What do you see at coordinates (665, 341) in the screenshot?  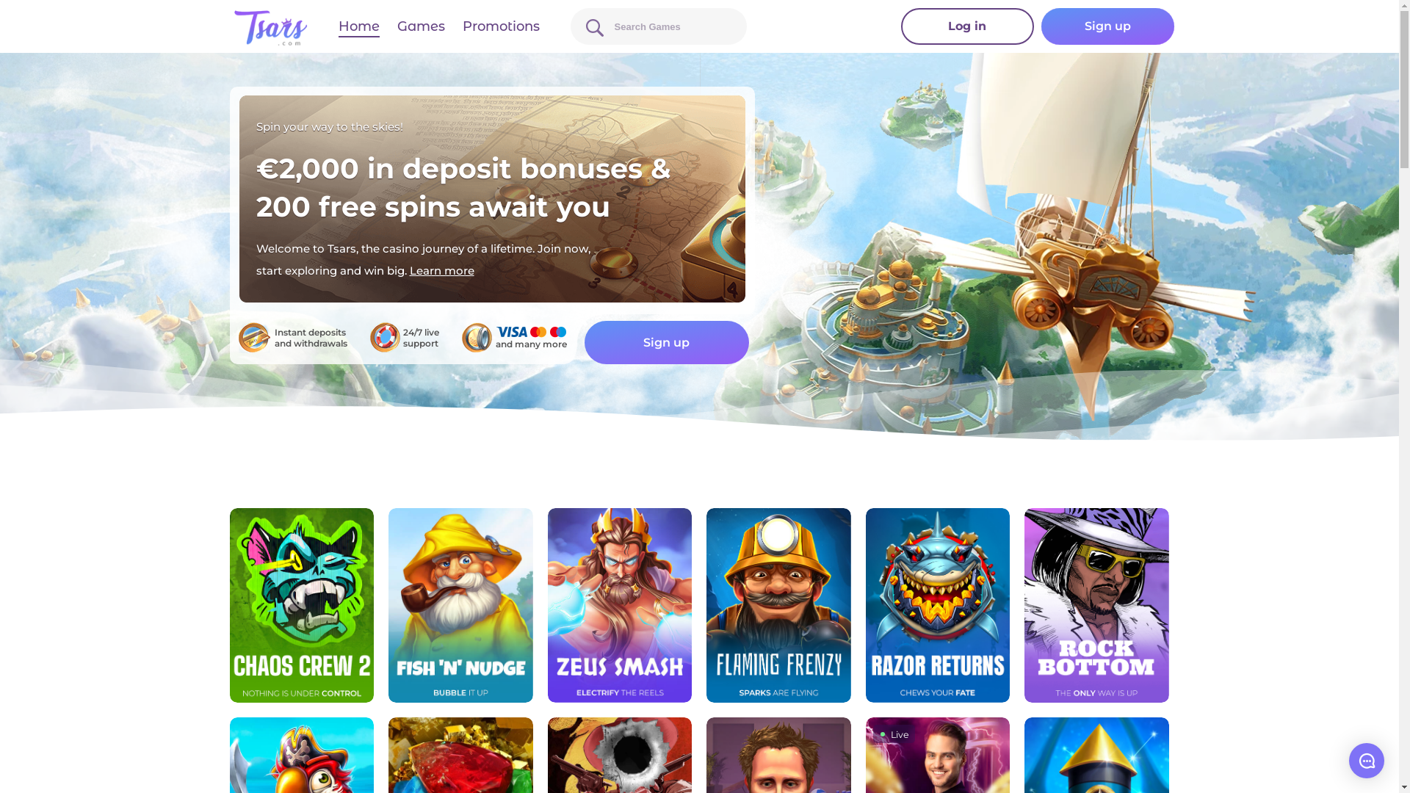 I see `'Sign up'` at bounding box center [665, 341].